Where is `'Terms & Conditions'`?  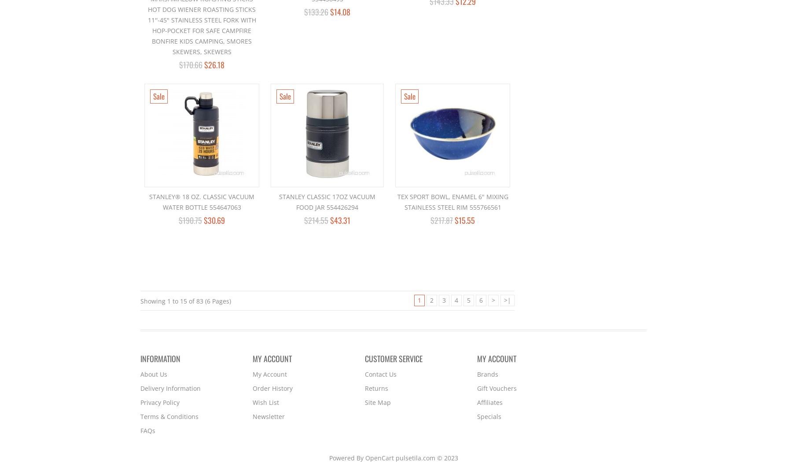 'Terms & Conditions' is located at coordinates (169, 416).